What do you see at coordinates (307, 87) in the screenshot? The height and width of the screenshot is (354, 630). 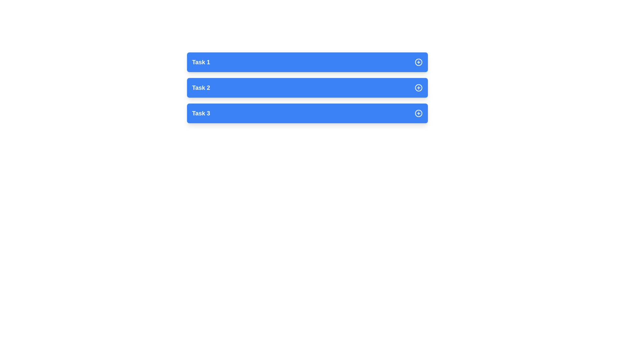 I see `the 'Task 2' button, which is the second button in a vertically stacked list` at bounding box center [307, 87].